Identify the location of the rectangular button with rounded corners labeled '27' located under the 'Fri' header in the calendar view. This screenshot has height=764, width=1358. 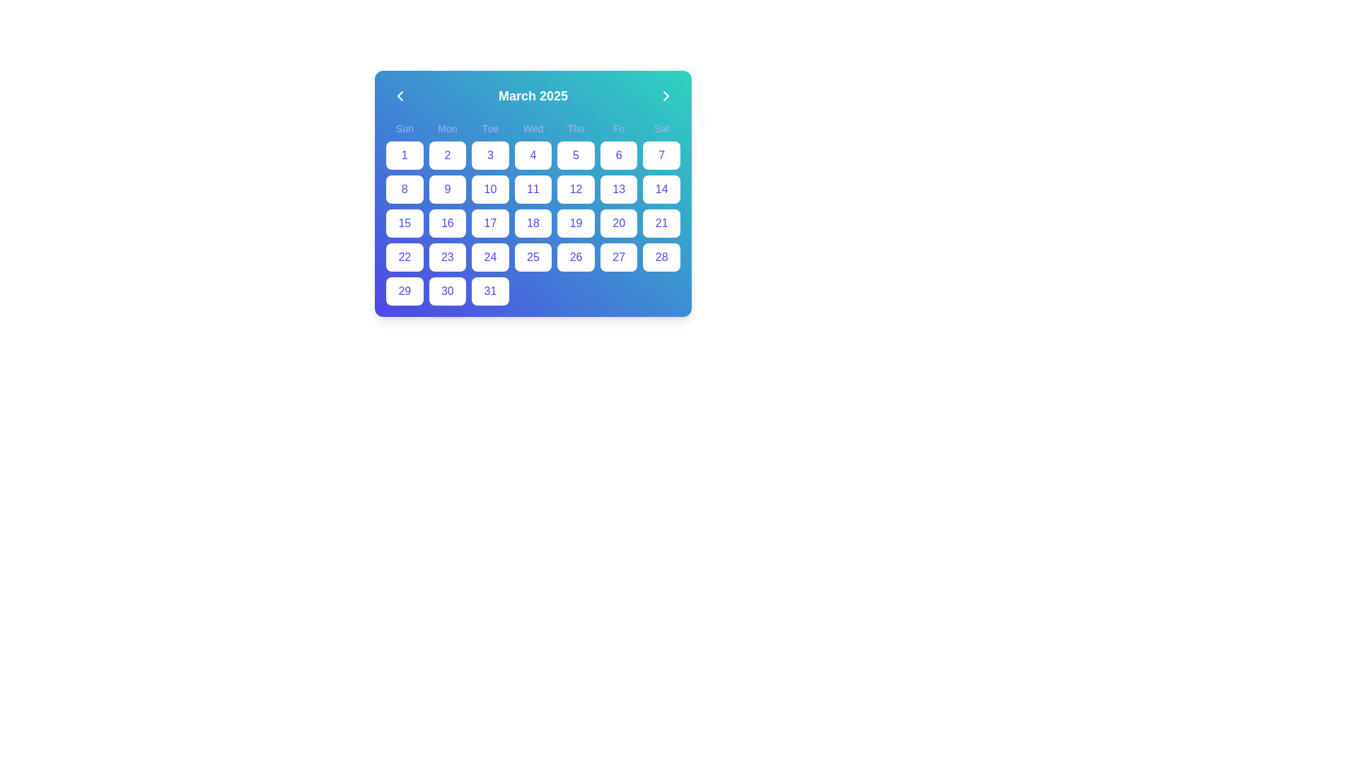
(619, 257).